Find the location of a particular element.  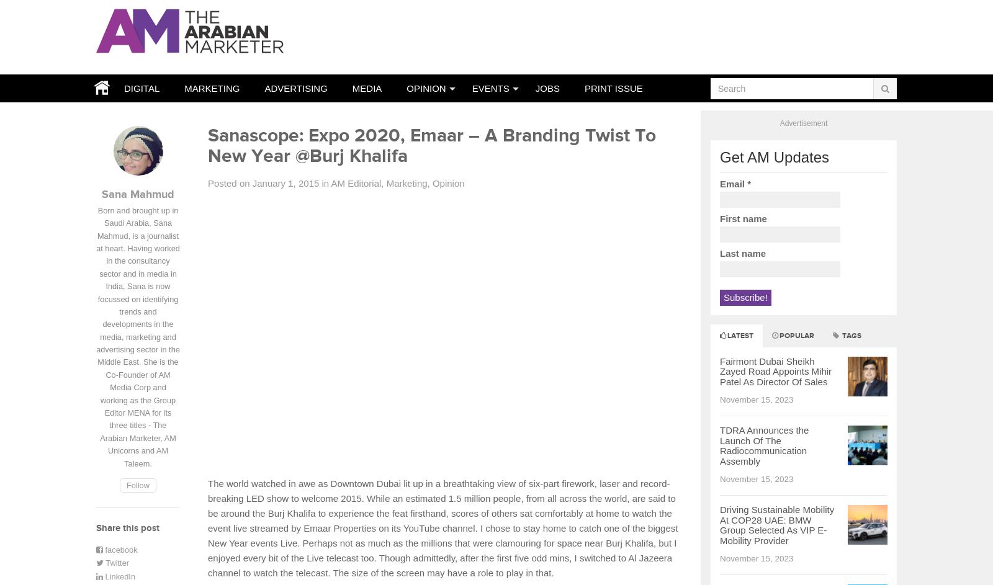

'facebook' is located at coordinates (119, 549).